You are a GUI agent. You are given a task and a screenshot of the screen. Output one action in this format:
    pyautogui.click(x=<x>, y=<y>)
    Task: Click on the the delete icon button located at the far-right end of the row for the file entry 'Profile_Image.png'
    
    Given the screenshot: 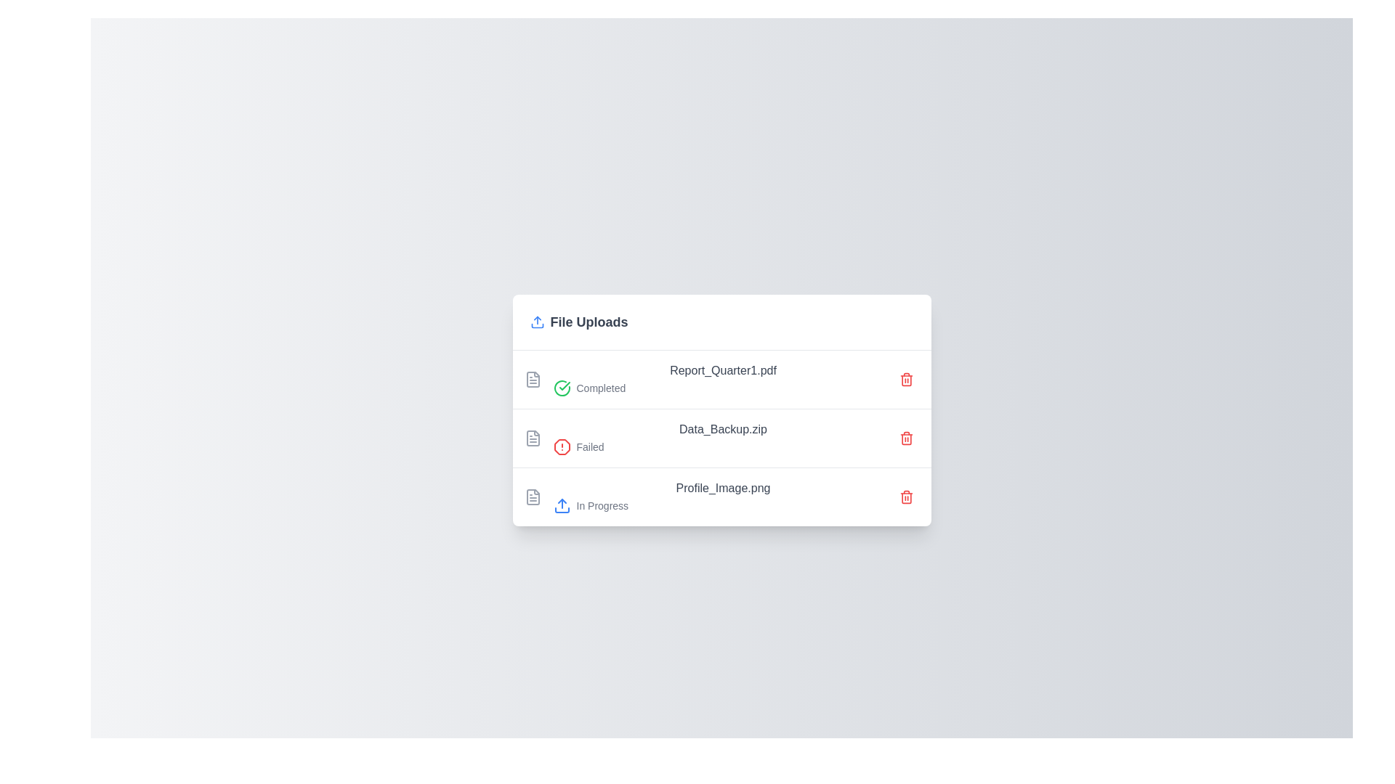 What is the action you would take?
    pyautogui.click(x=905, y=496)
    